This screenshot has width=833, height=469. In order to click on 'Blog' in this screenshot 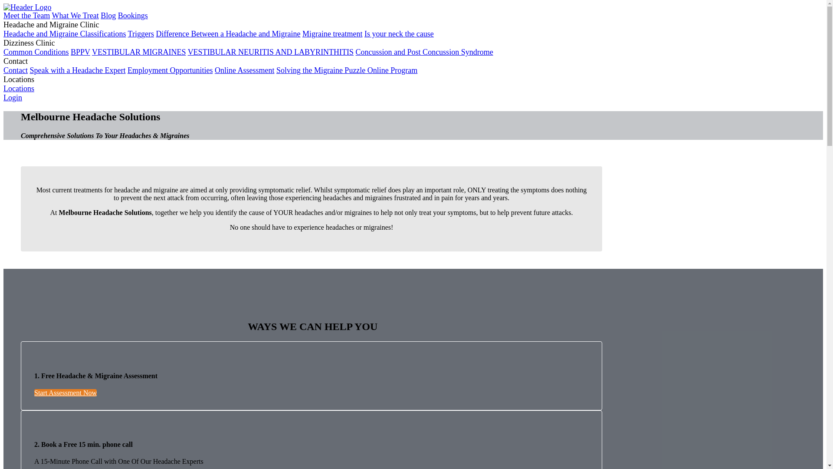, I will do `click(108, 15)`.